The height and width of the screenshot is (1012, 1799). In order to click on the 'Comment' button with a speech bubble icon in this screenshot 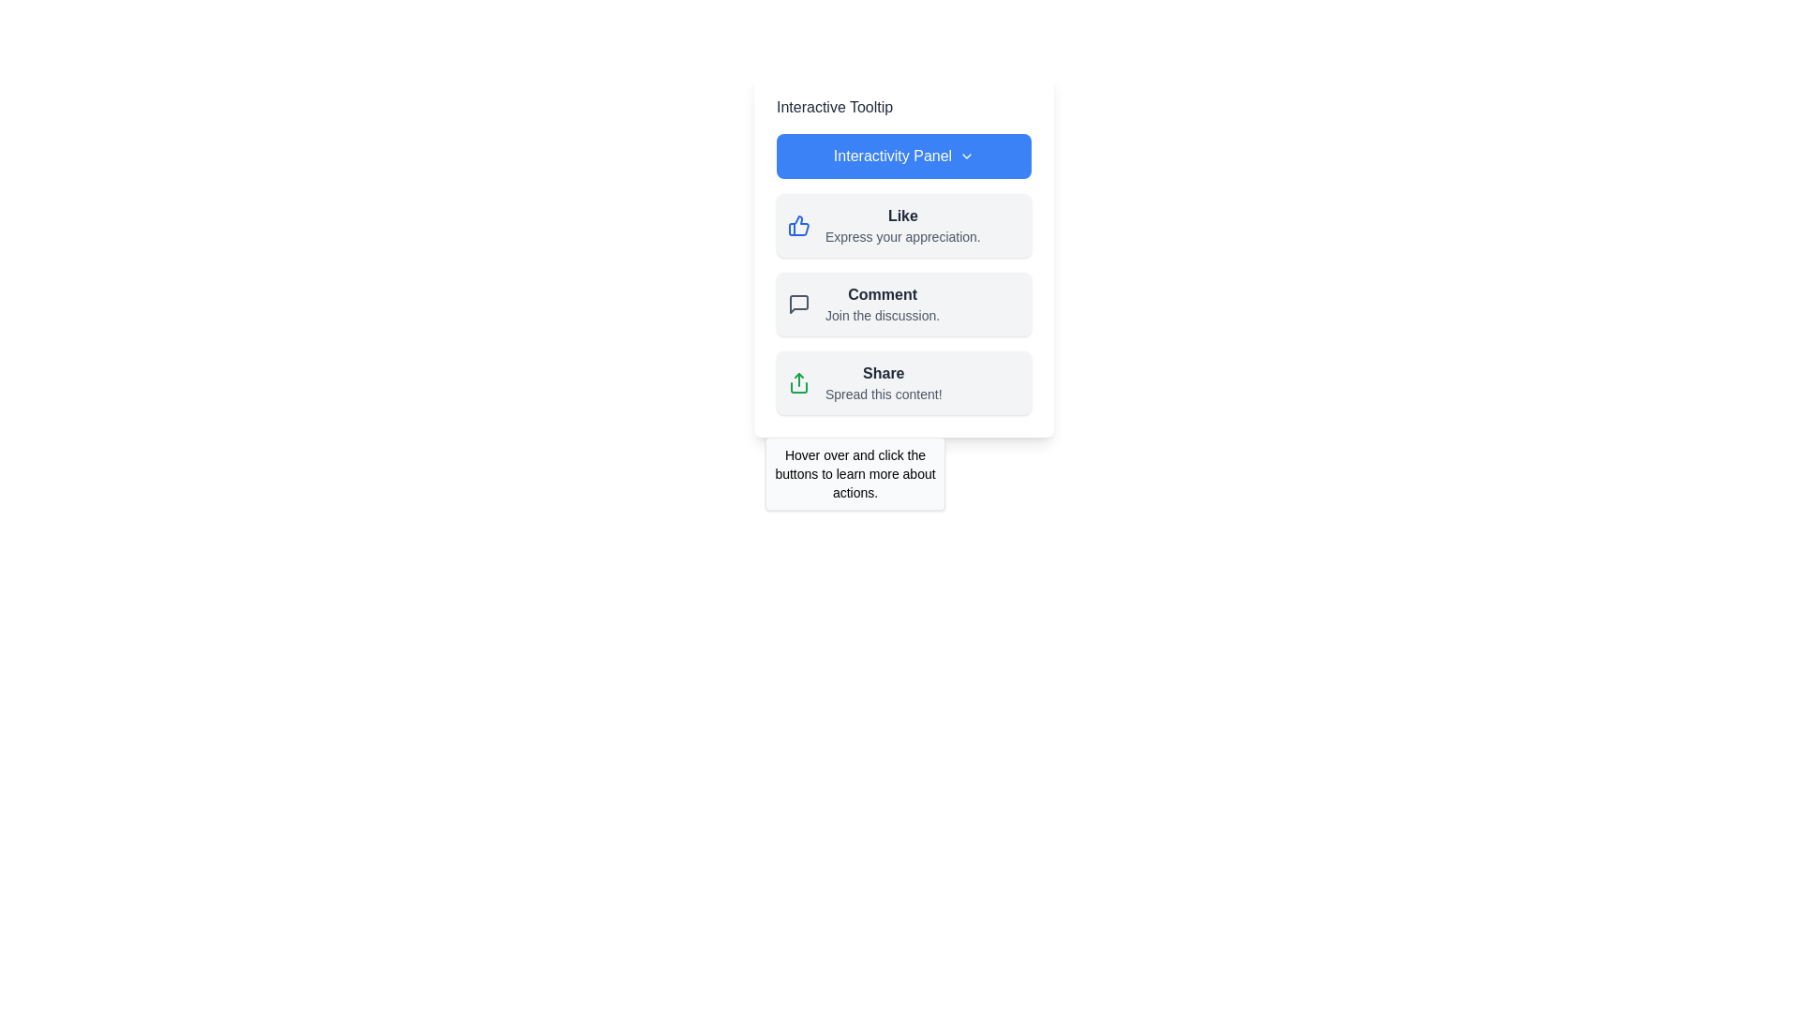, I will do `click(903, 303)`.